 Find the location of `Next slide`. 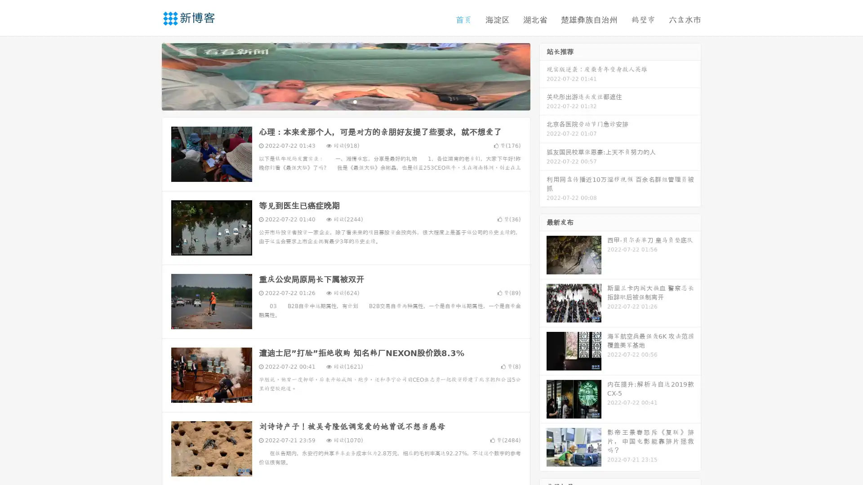

Next slide is located at coordinates (543, 75).